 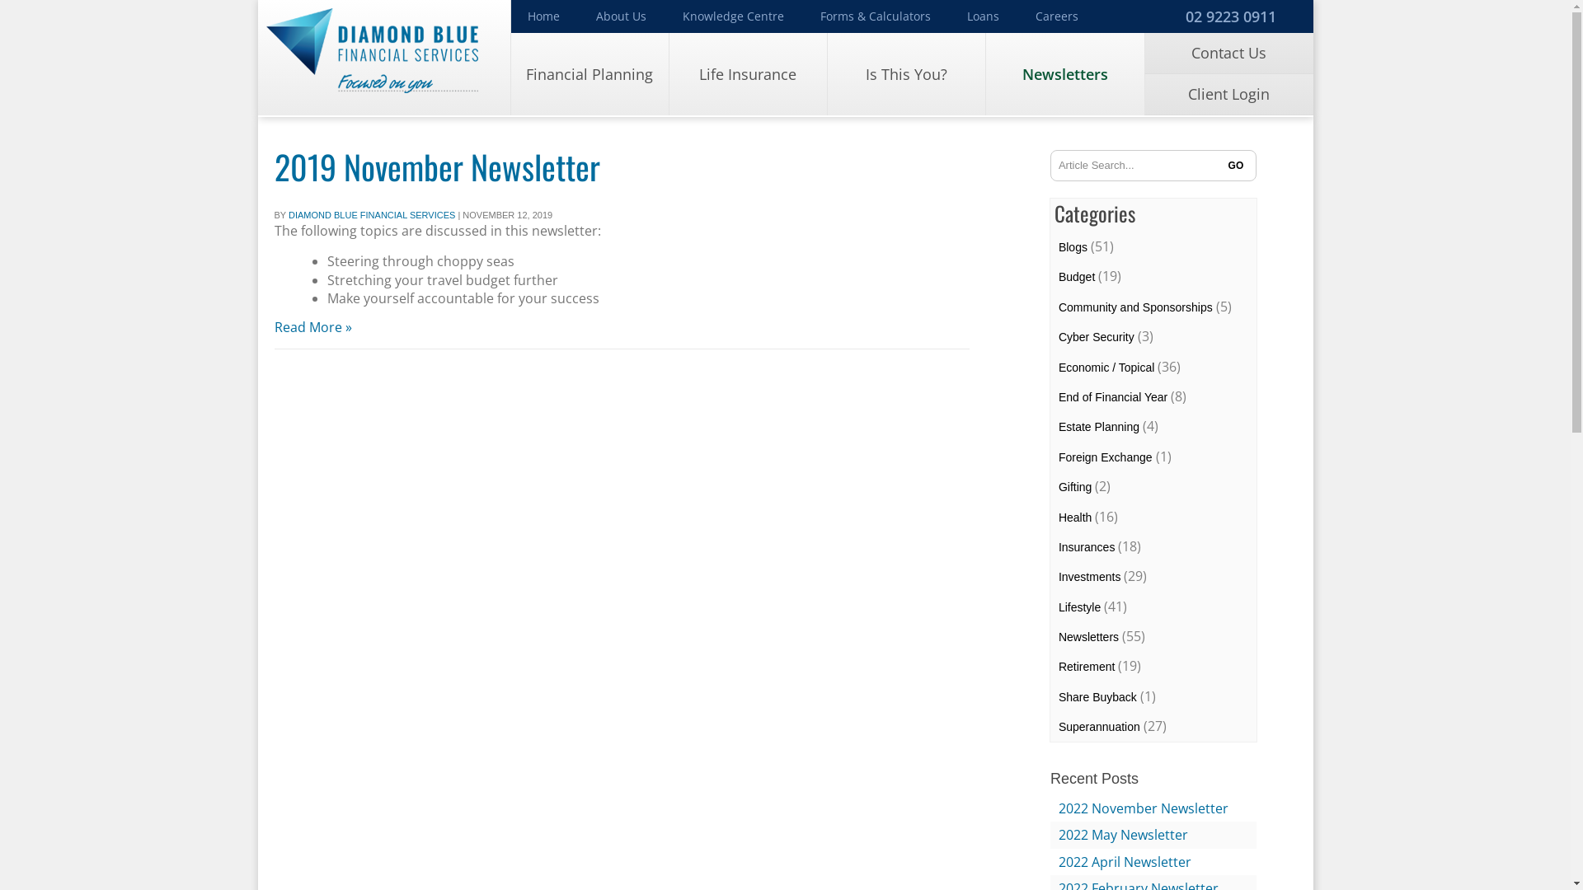 What do you see at coordinates (1112, 397) in the screenshot?
I see `'End of Financial Year'` at bounding box center [1112, 397].